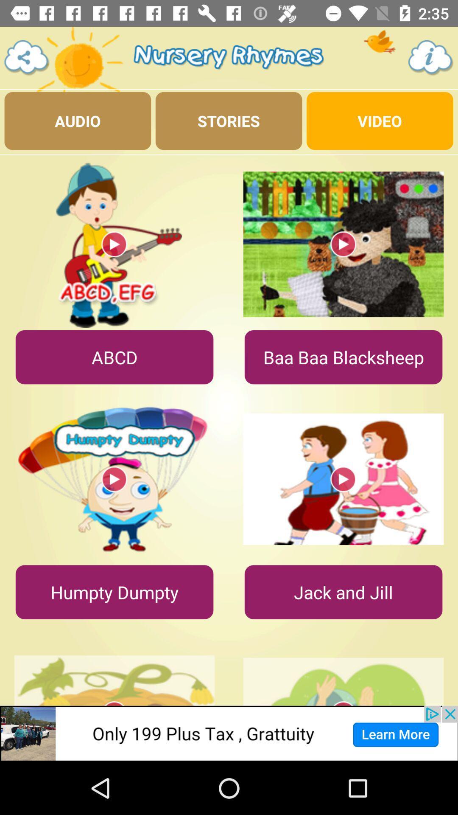  Describe the element at coordinates (26, 57) in the screenshot. I see `share` at that location.